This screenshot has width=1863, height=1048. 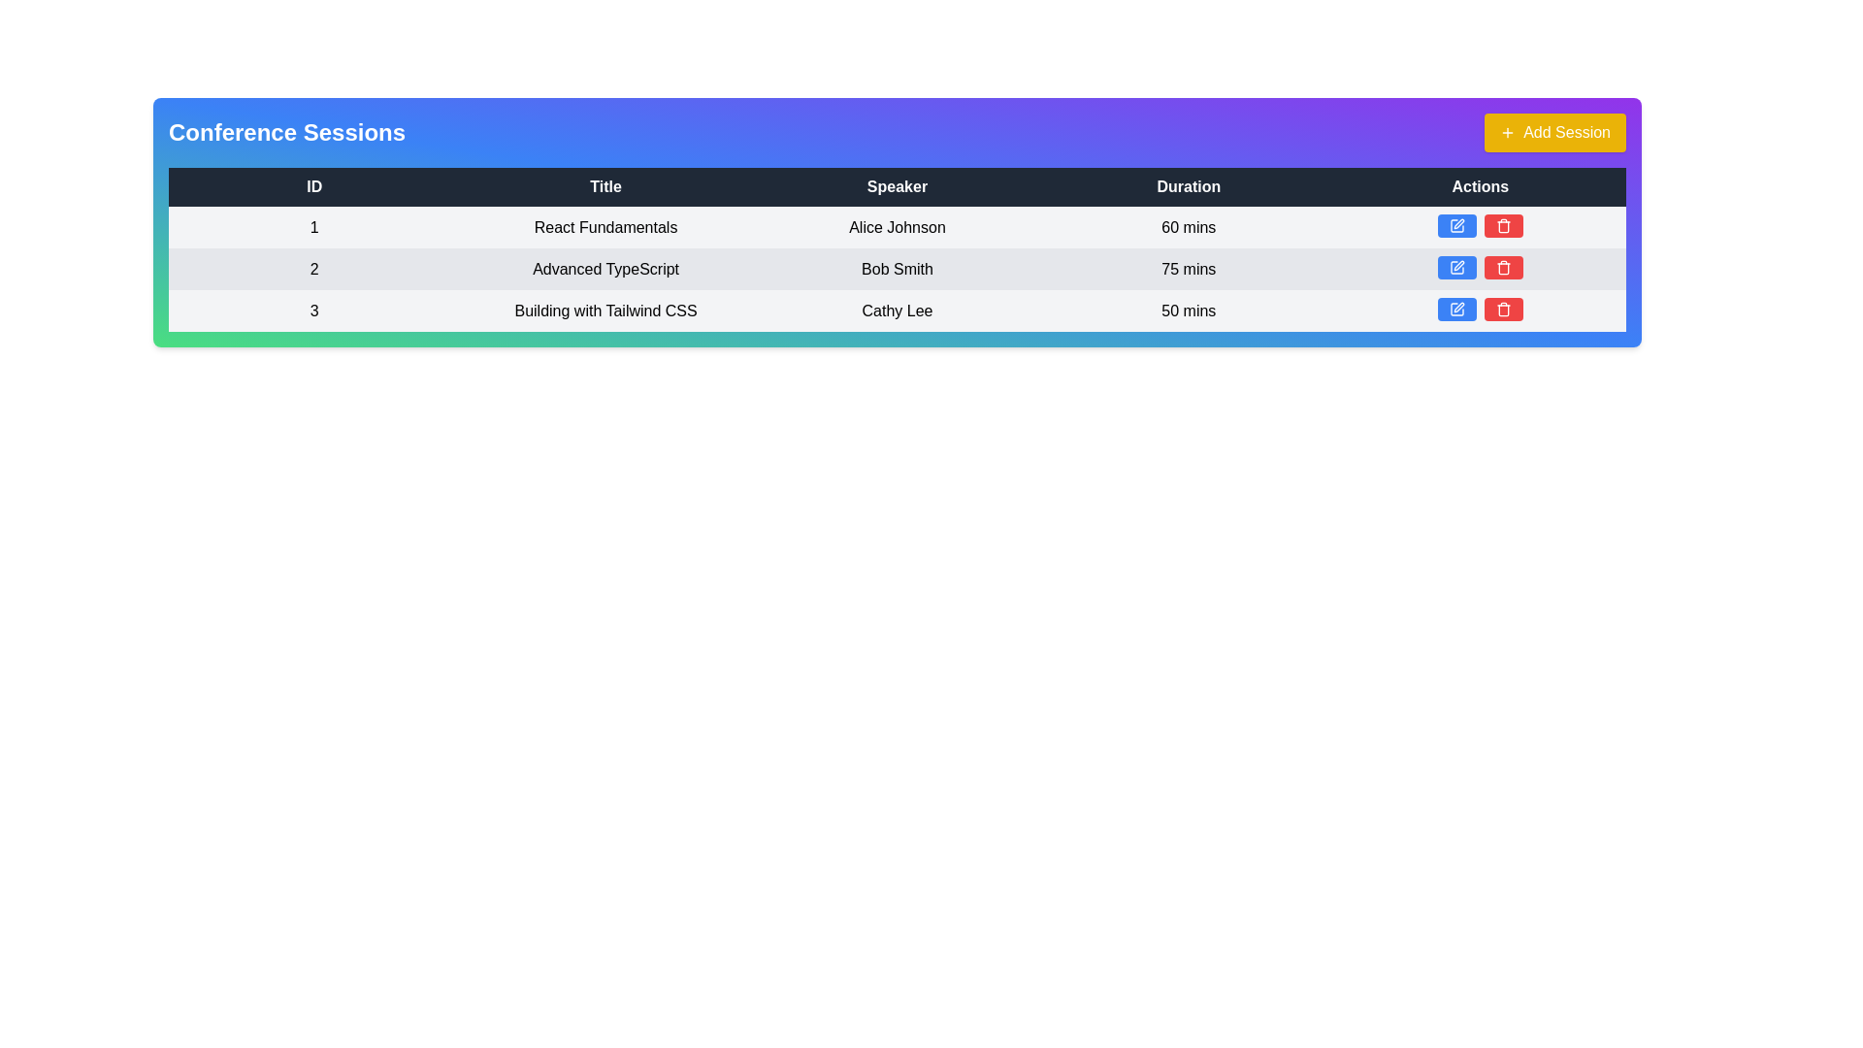 I want to click on the Text Label that serves as a visual indicator for the unique identifier of the conference session in the 'ID' field located in the first column of the third row of the table, so click(x=314, y=310).